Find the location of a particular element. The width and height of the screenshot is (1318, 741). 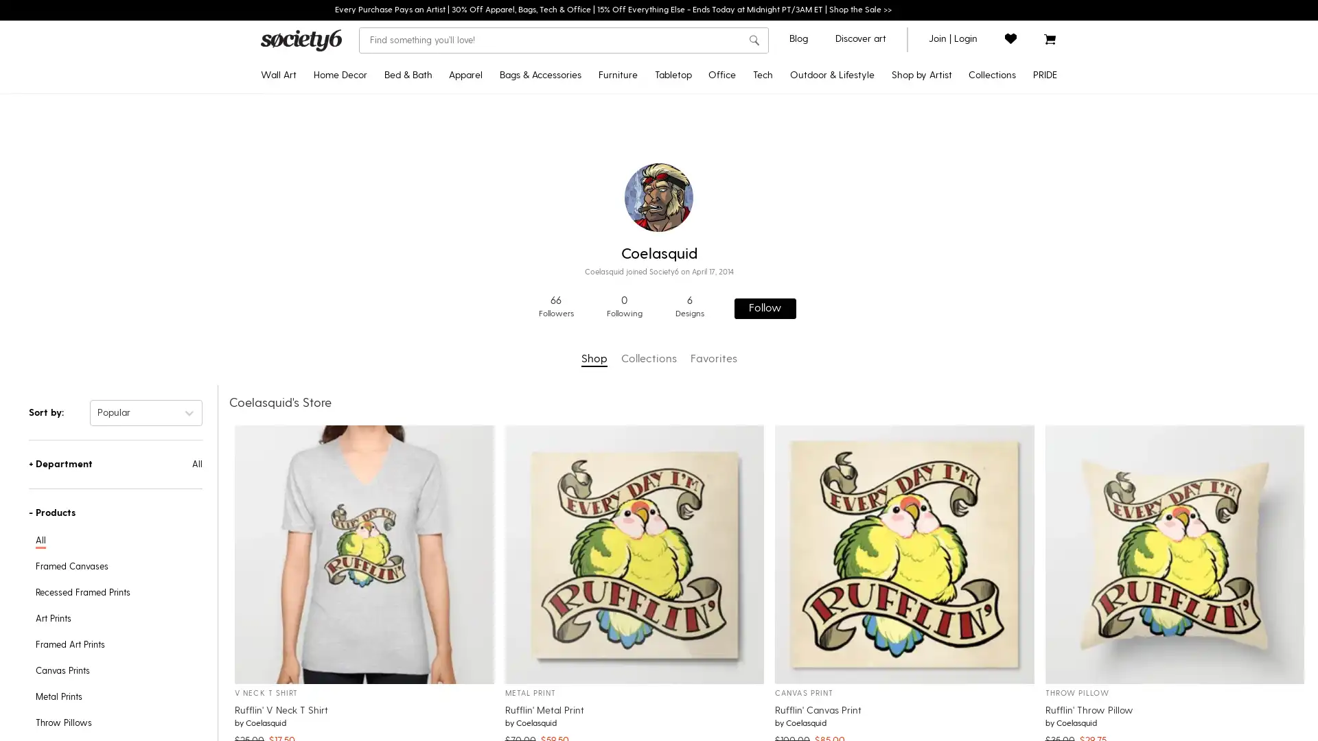

Pixar is located at coordinates (884, 154).